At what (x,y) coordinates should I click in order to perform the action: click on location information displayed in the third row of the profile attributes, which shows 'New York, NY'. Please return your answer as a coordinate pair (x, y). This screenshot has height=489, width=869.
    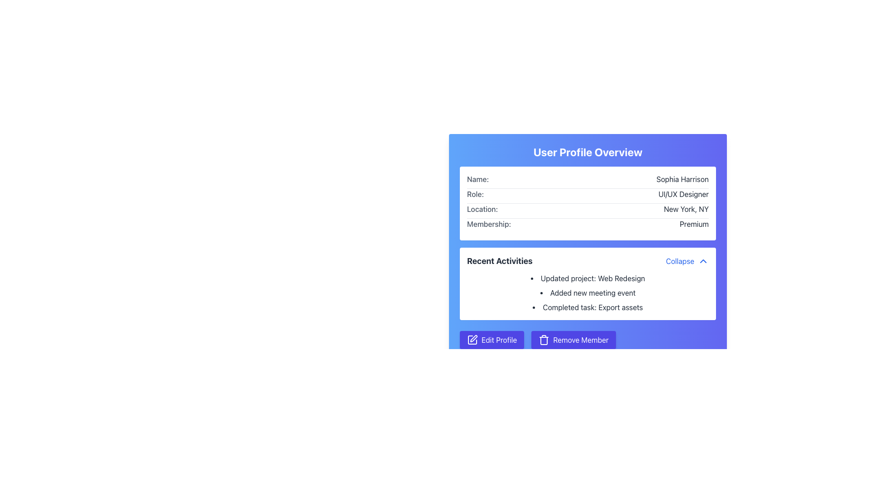
    Looking at the image, I should click on (588, 211).